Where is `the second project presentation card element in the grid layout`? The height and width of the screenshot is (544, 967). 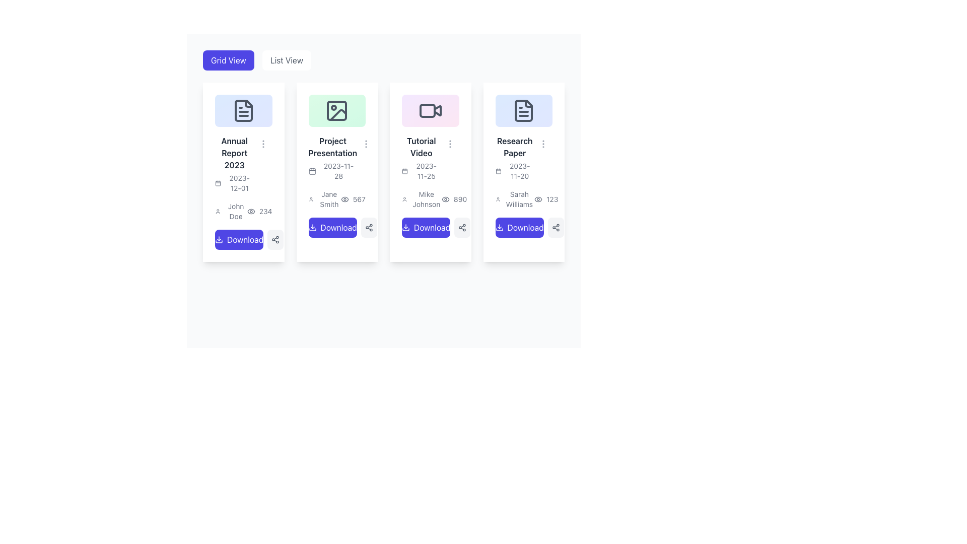 the second project presentation card element in the grid layout is located at coordinates (337, 171).